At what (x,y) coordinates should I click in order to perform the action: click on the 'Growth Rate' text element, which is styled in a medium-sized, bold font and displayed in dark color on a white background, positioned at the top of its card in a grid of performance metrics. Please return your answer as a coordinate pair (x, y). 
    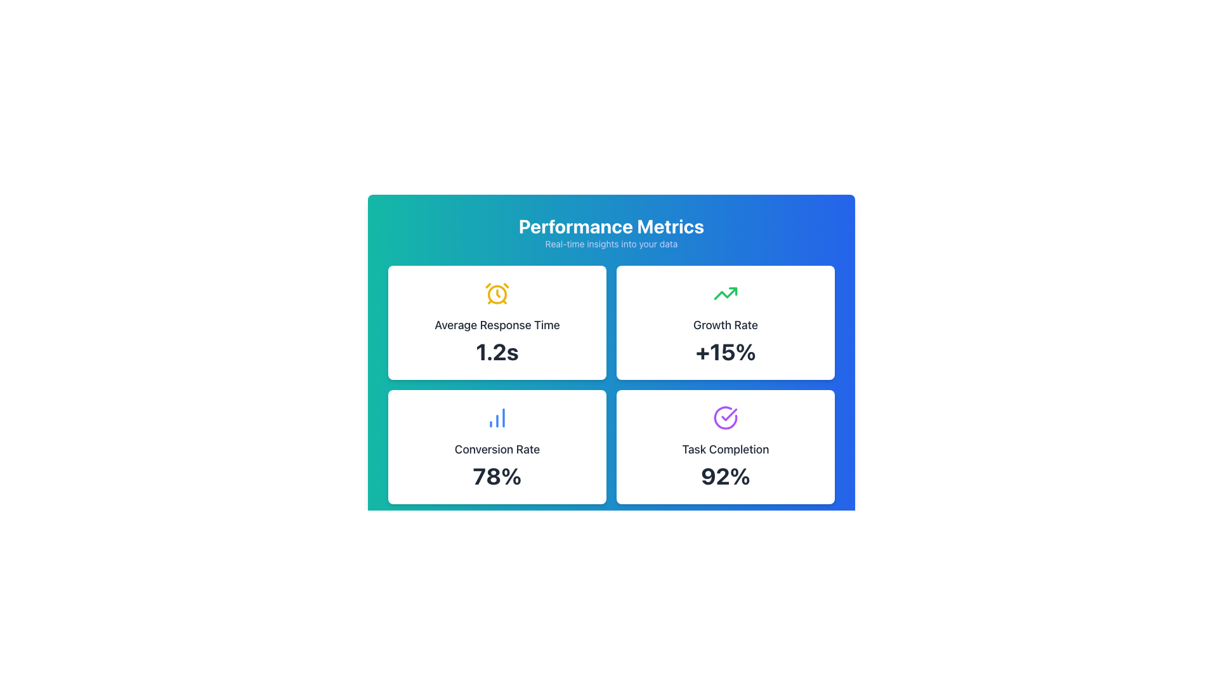
    Looking at the image, I should click on (725, 325).